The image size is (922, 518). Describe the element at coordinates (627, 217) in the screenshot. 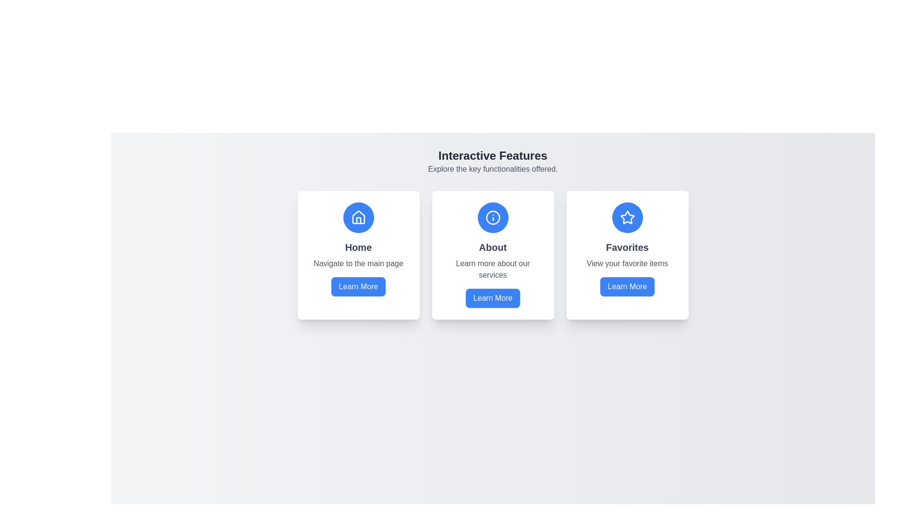

I see `the star icon located in the 'Favorites' card, which represents functionality for saving or accessing favorite items` at that location.